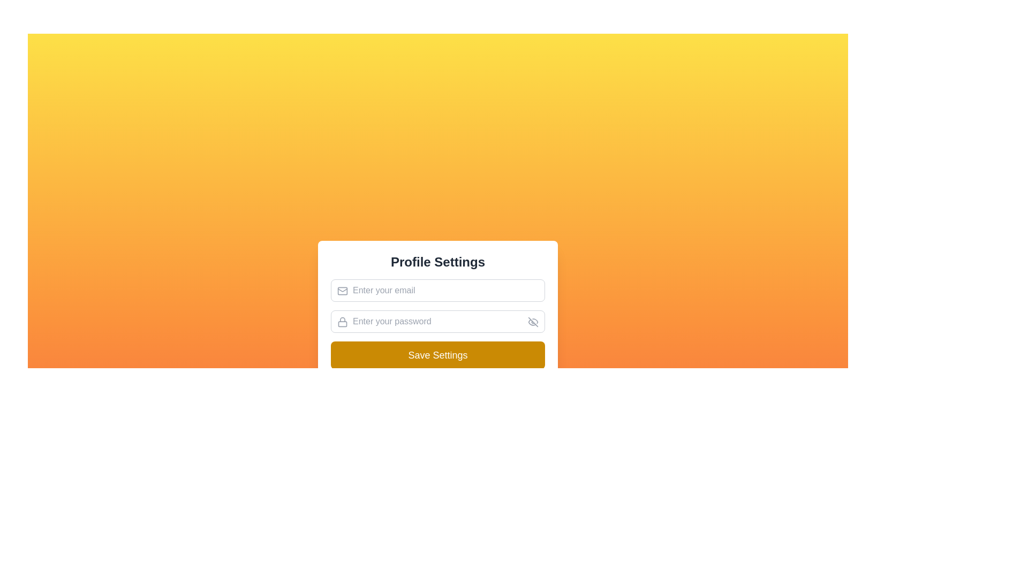  Describe the element at coordinates (342, 291) in the screenshot. I see `the decorative graphical element (rectangular part of the email icon) located at the far left inside the email input field in the 'Profile Settings' section` at that location.